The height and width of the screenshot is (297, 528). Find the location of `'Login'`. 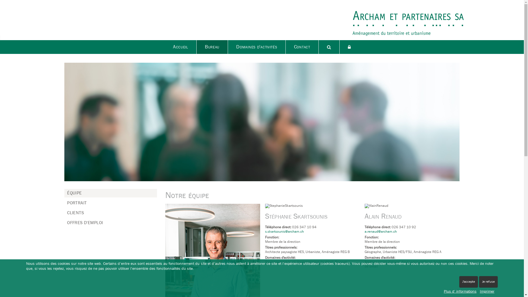

'Login' is located at coordinates (349, 46).